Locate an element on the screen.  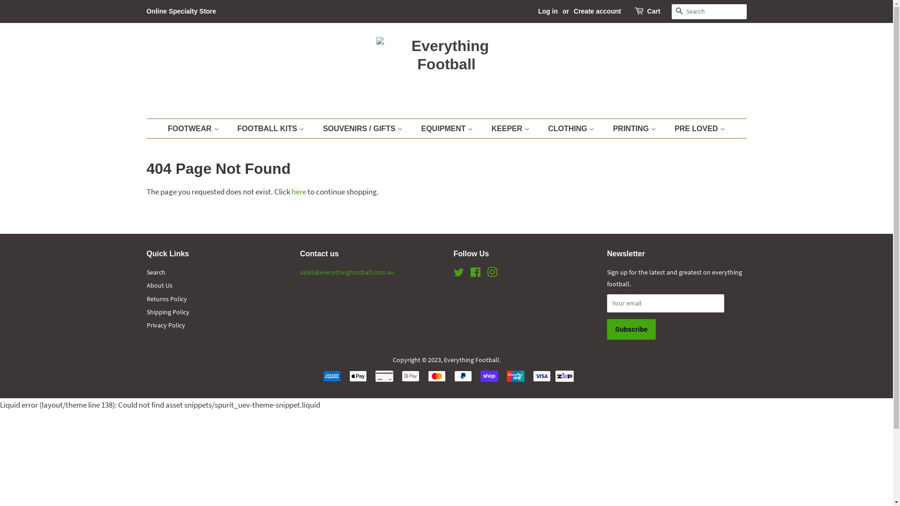
'SOUVENIRS / GIFTS' is located at coordinates (363, 128).